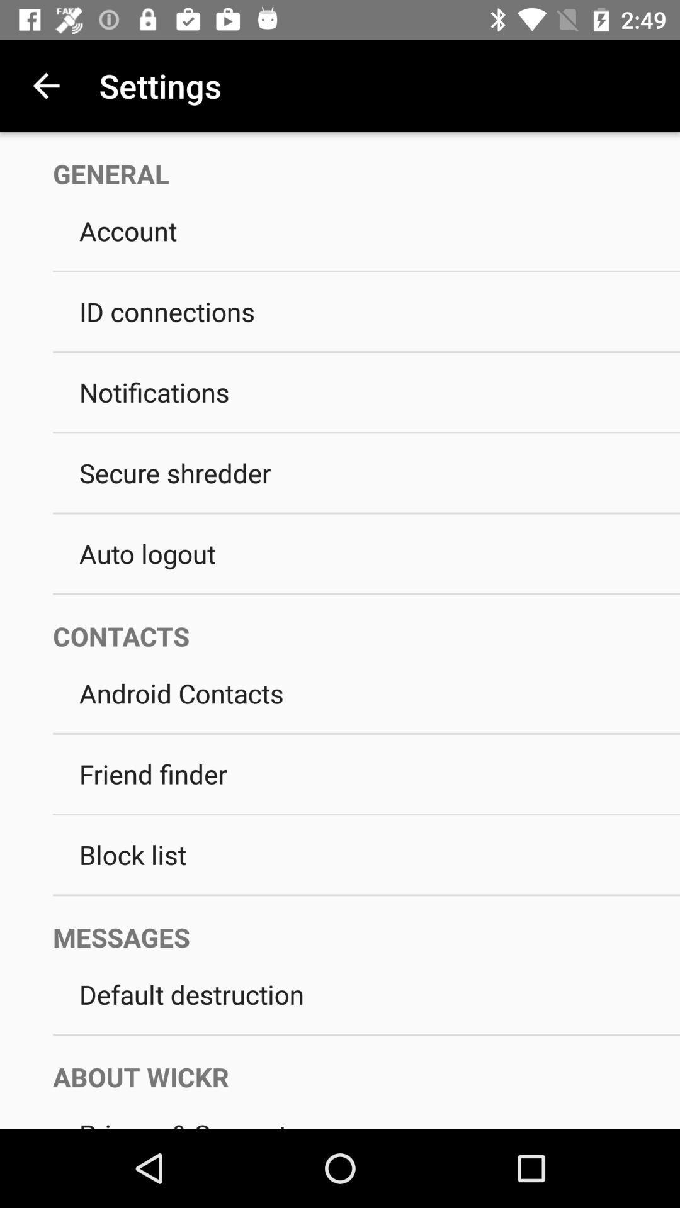 The image size is (680, 1208). Describe the element at coordinates (366, 230) in the screenshot. I see `item below the general item` at that location.